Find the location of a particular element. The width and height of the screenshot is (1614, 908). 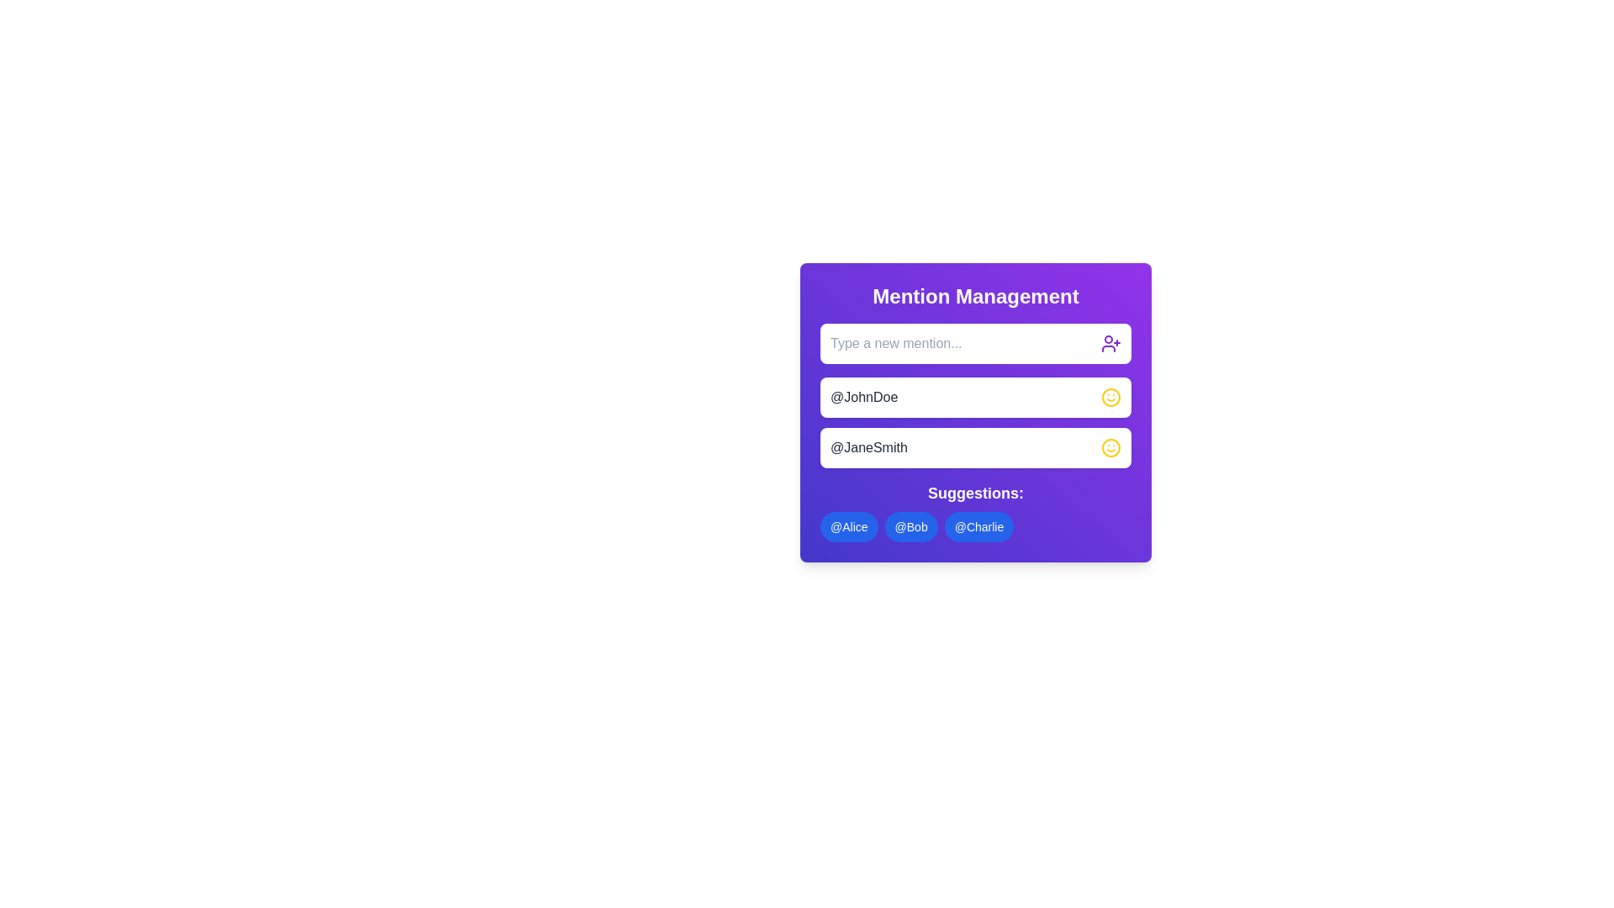

the '@Charlie' button, which is a blue, rounded rectangular button with white text is located at coordinates (979, 526).